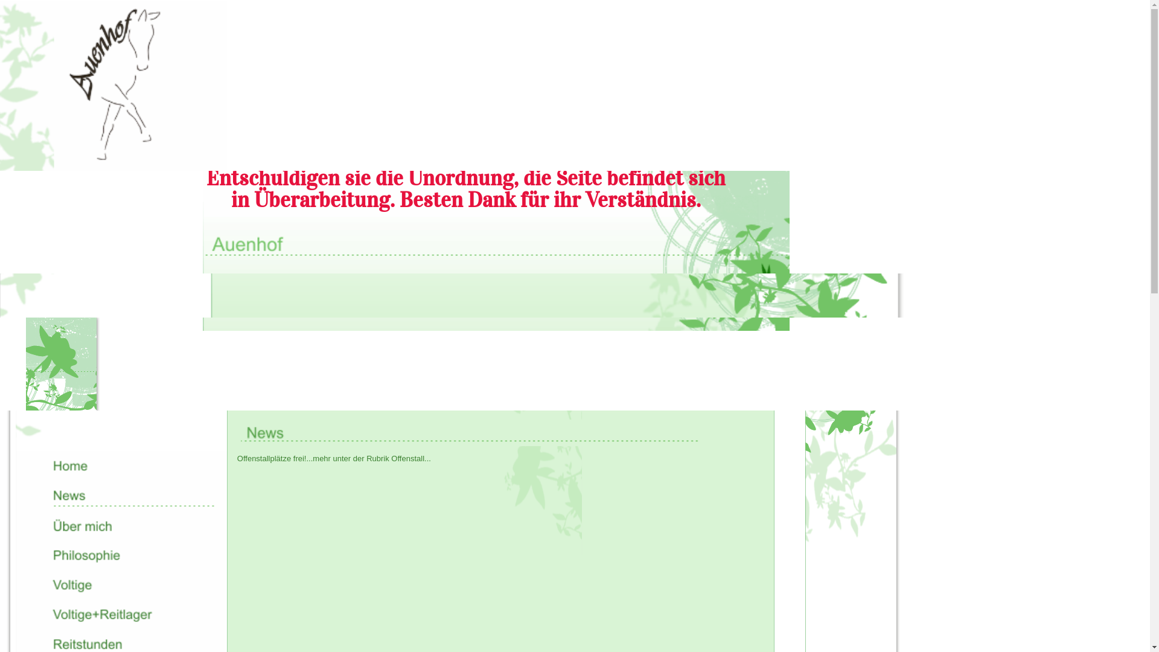 This screenshot has height=652, width=1159. What do you see at coordinates (121, 614) in the screenshot?
I see `'Voltige+Reitlager'` at bounding box center [121, 614].